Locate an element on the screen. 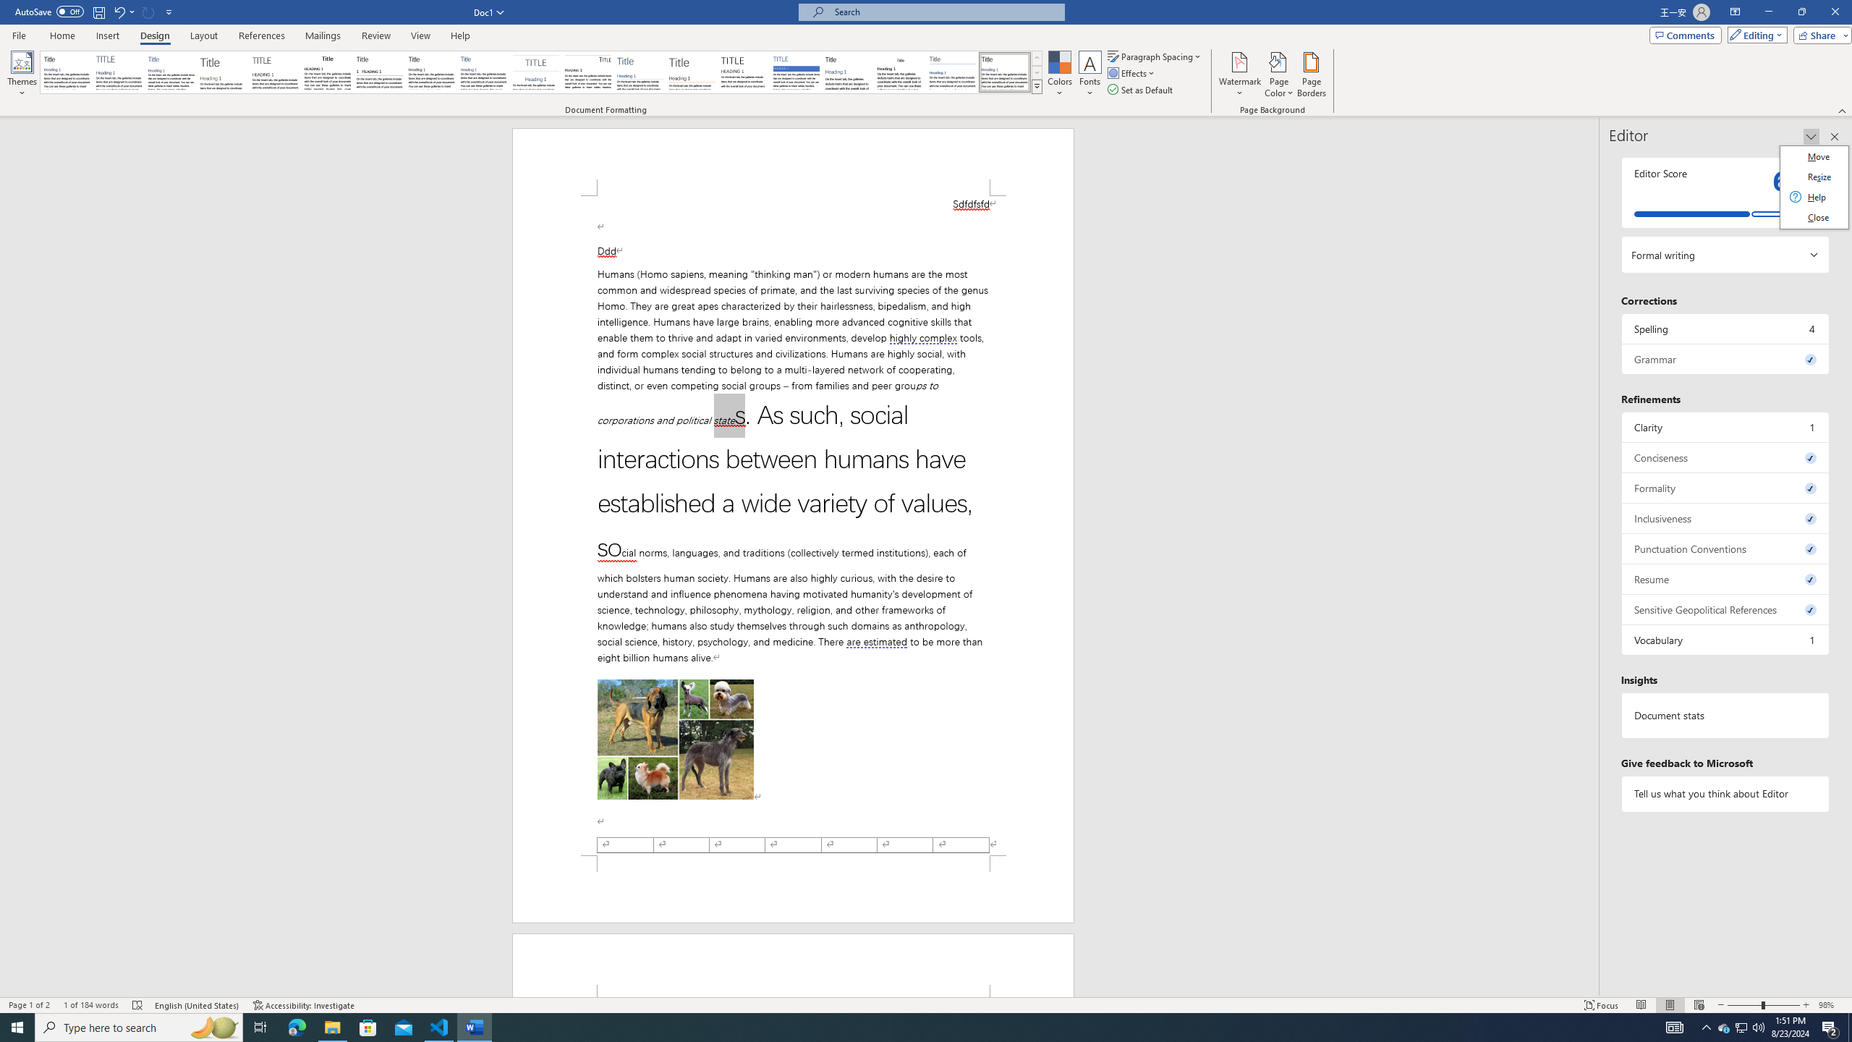 The height and width of the screenshot is (1042, 1852). 'Basic (Elegant)' is located at coordinates (119, 72).